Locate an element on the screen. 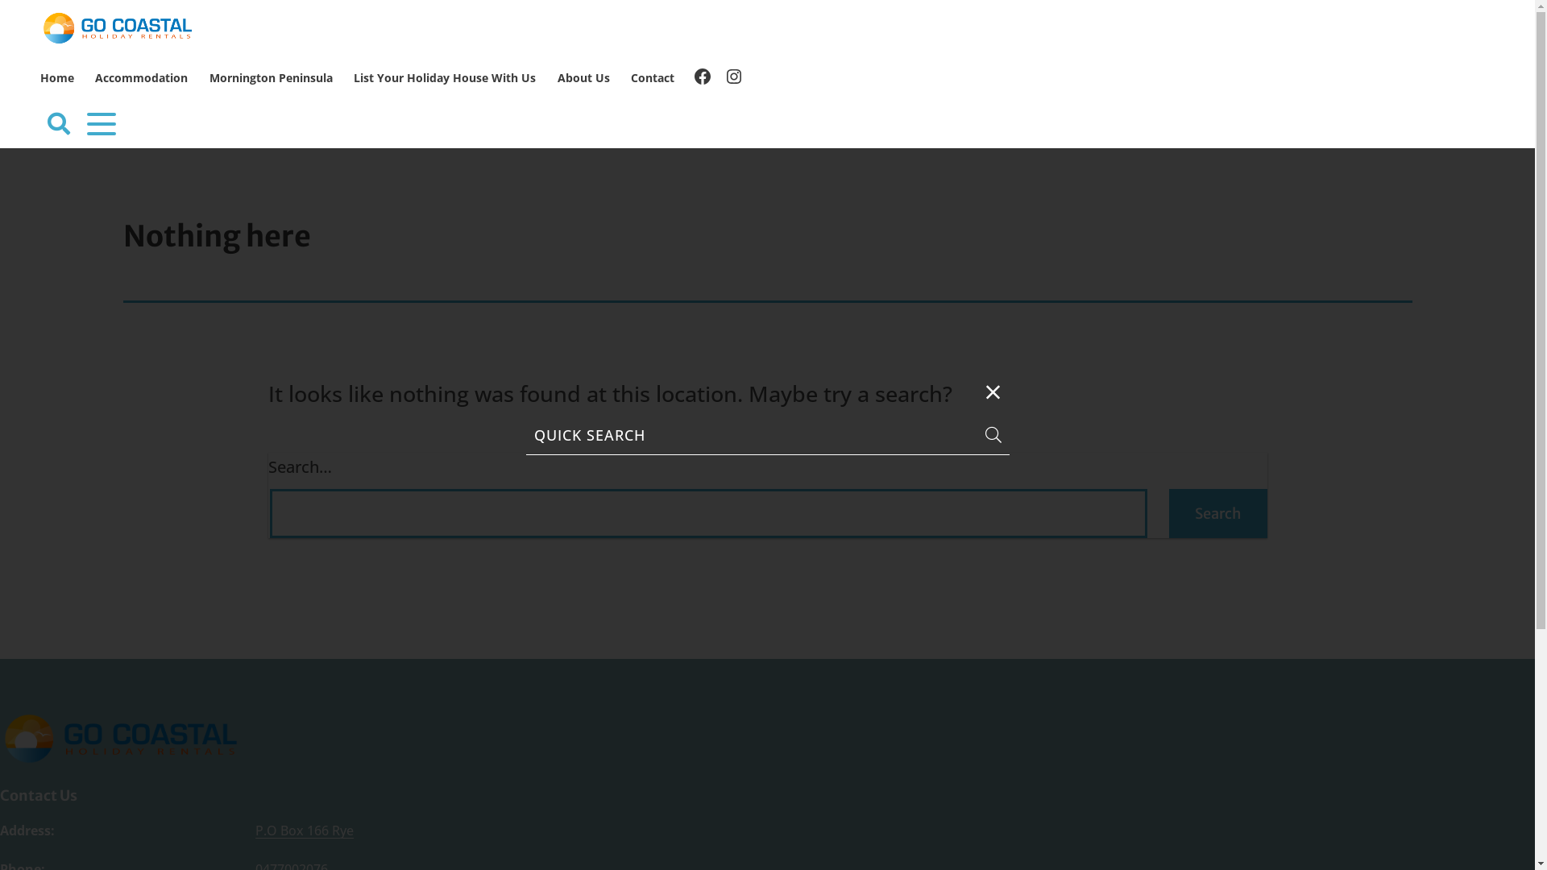 Image resolution: width=1547 pixels, height=870 pixels. 'Search' is located at coordinates (1217, 513).